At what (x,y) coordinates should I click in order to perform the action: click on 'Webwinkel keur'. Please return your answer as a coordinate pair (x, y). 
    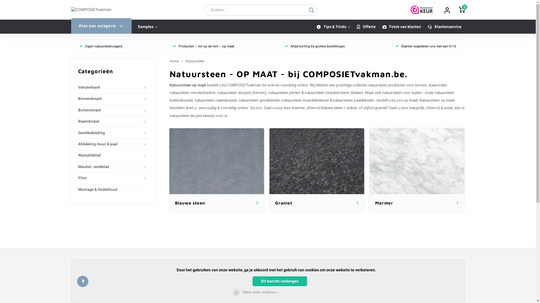
    Looking at the image, I should click on (422, 10).